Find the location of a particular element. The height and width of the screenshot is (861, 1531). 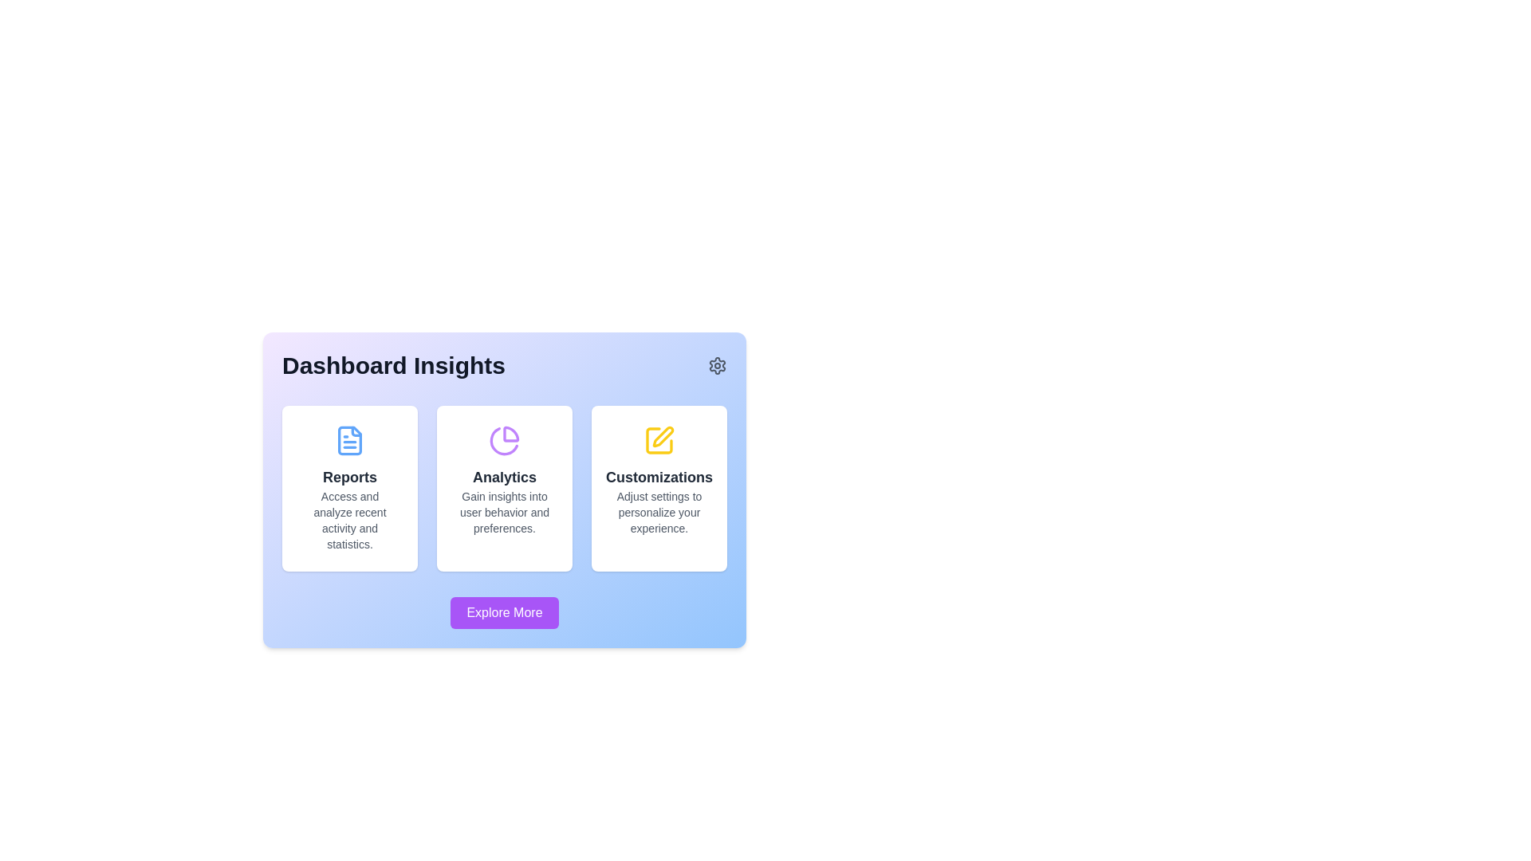

the Text label that provides a brief description or instruction related to the 'Customizations' feature, located beneath the title 'Customizations' in the bottom portion of the 'Customizations' card is located at coordinates (659, 513).